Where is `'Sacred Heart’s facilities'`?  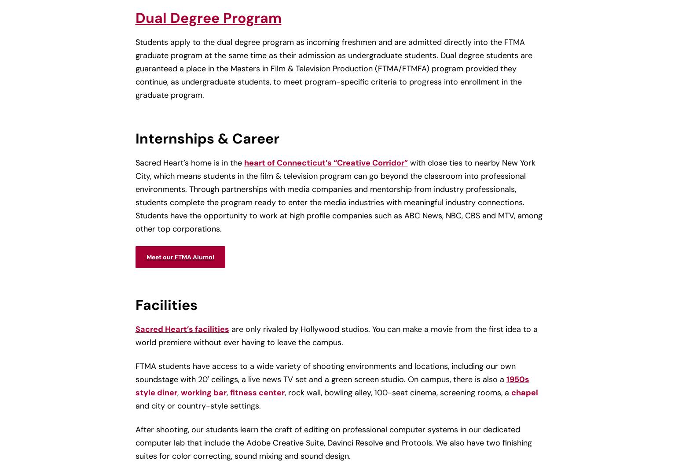 'Sacred Heart’s facilities' is located at coordinates (182, 328).